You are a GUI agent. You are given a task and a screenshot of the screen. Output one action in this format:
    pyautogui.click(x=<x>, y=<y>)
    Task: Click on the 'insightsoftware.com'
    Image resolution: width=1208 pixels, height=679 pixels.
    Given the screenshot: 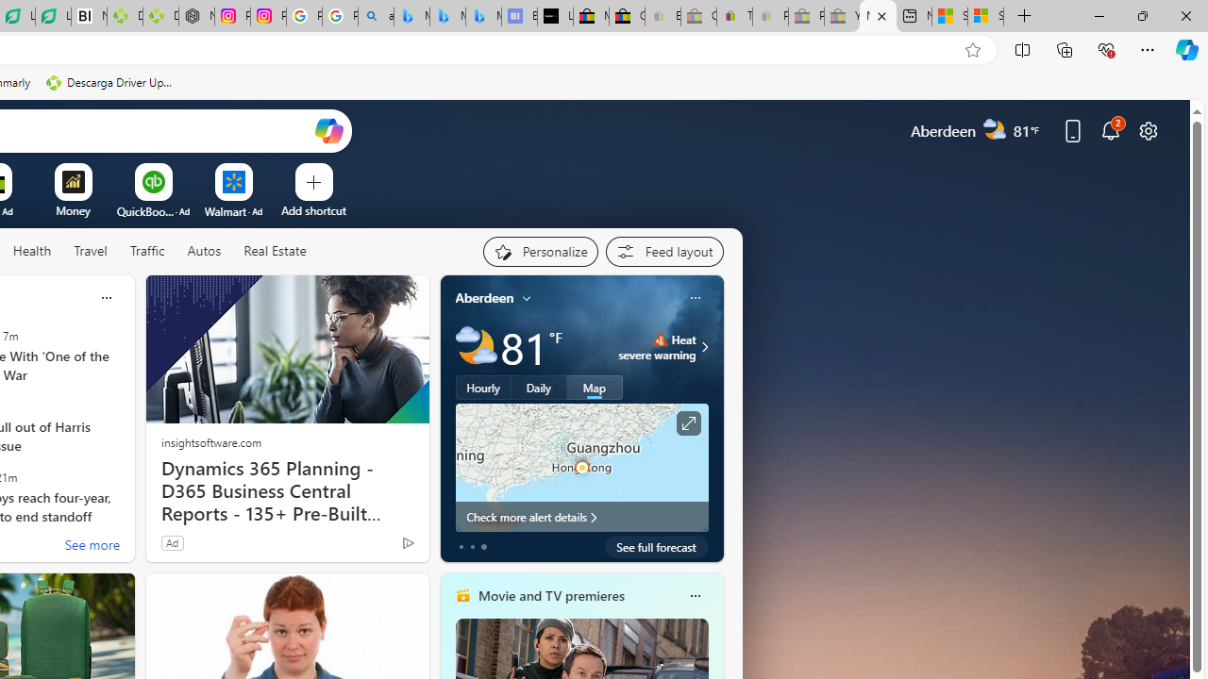 What is the action you would take?
    pyautogui.click(x=210, y=441)
    